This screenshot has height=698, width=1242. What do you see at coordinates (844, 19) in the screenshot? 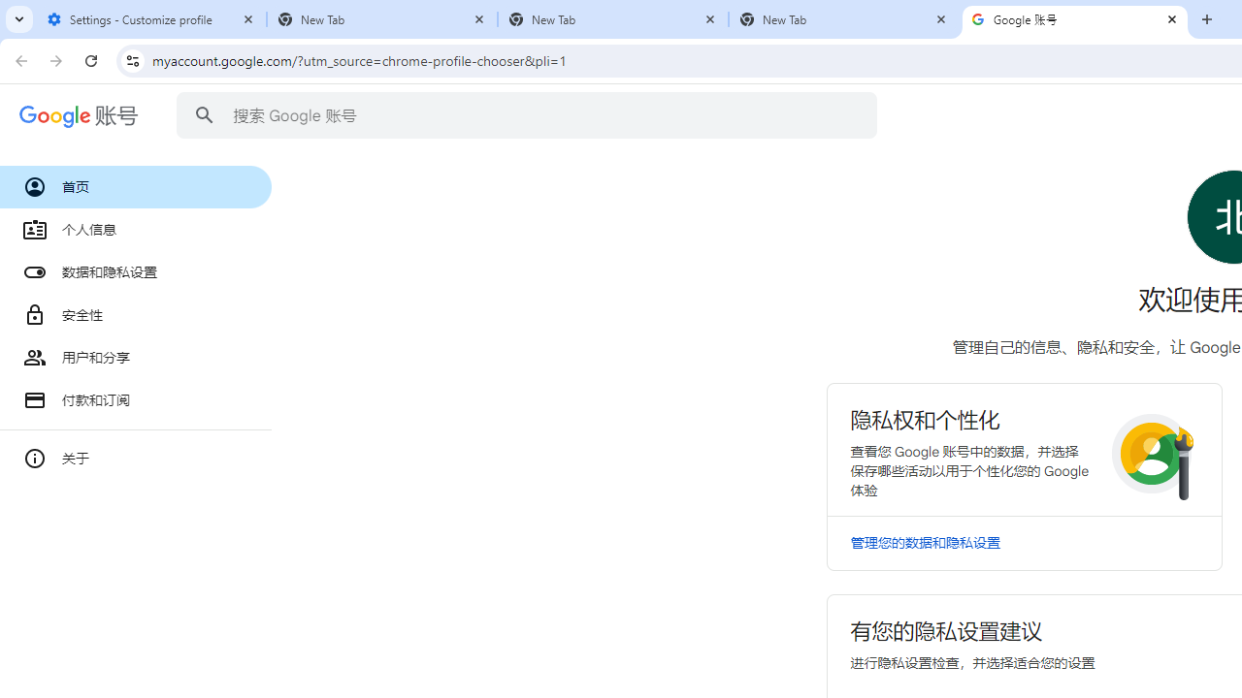
I see `'New Tab'` at bounding box center [844, 19].